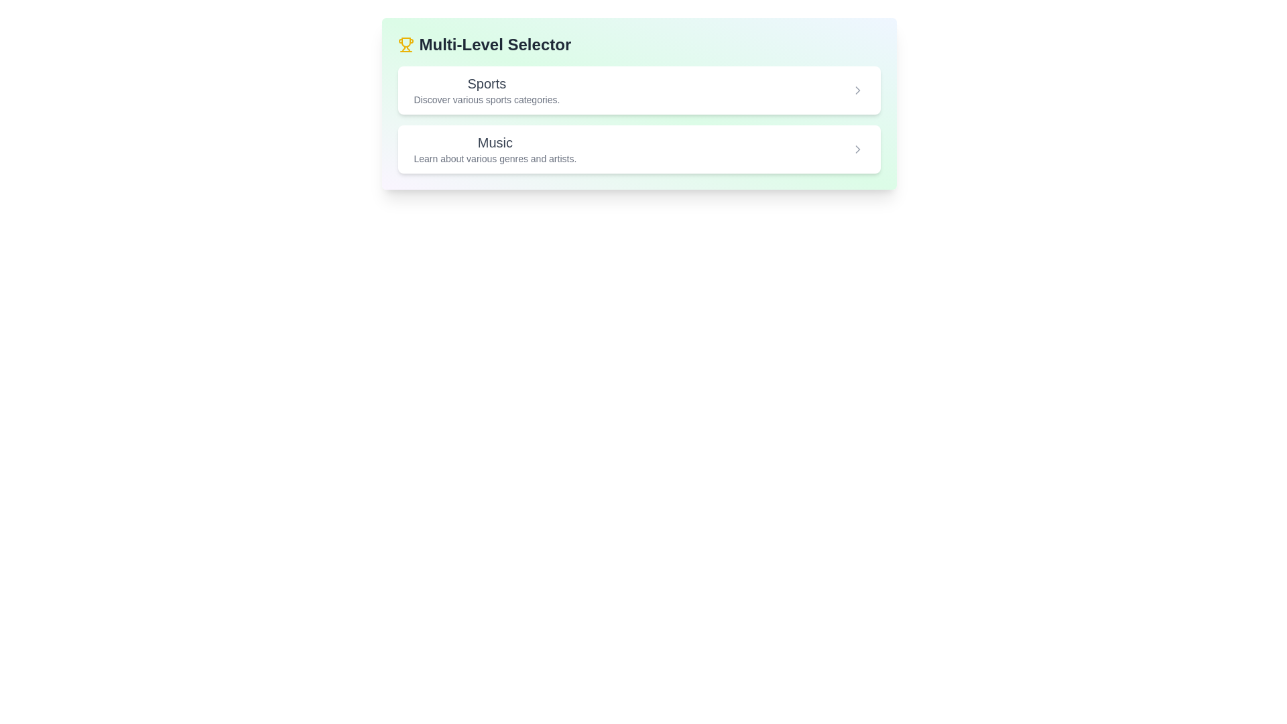 The height and width of the screenshot is (724, 1287). Describe the element at coordinates (494, 149) in the screenshot. I see `the 'Music' text-based list option, which is the second option under the 'Multi-Level Selector' header, displaying a larger bolded 'Music' and a smaller description below it` at that location.